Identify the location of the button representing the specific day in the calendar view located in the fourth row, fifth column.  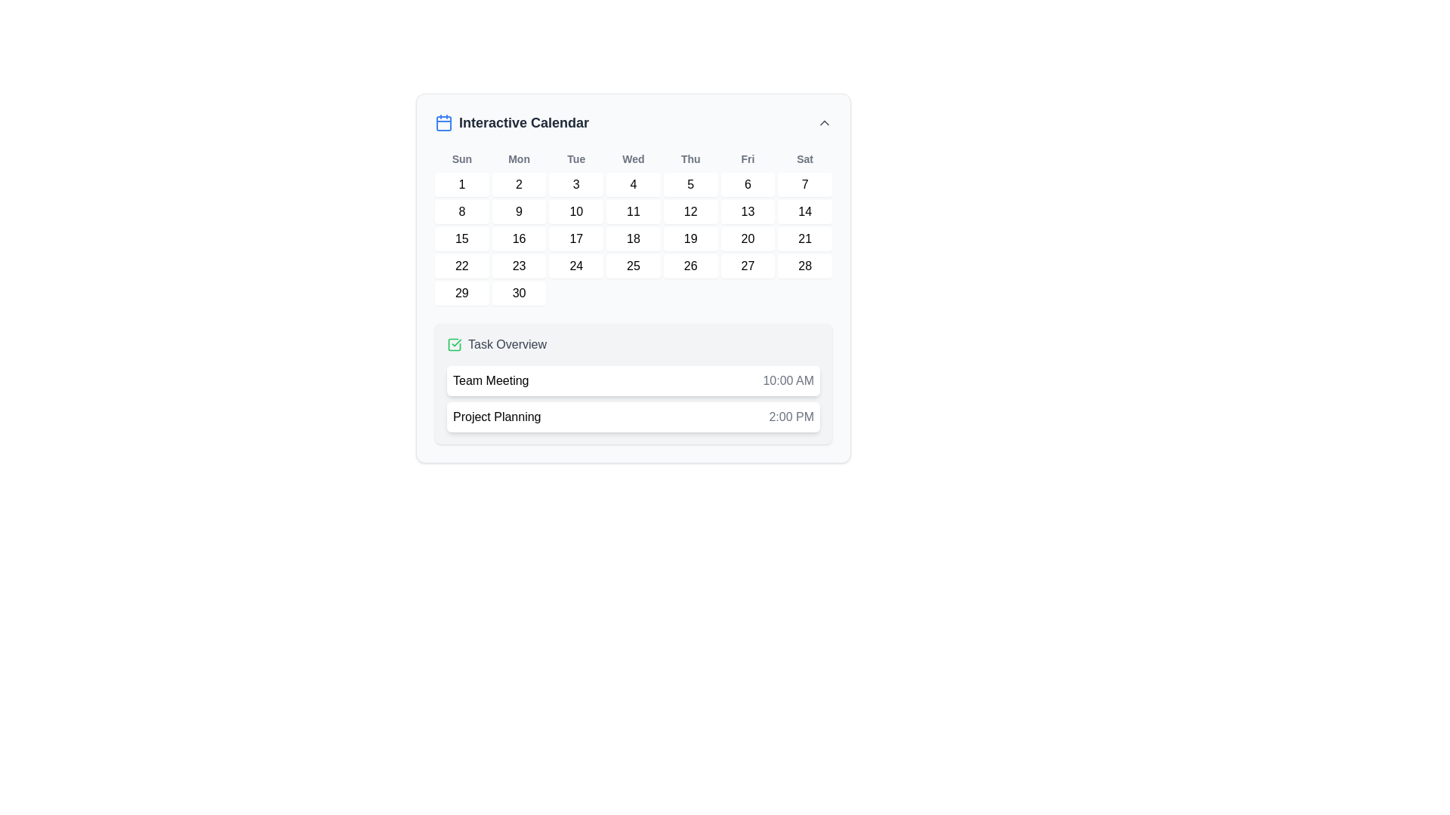
(690, 266).